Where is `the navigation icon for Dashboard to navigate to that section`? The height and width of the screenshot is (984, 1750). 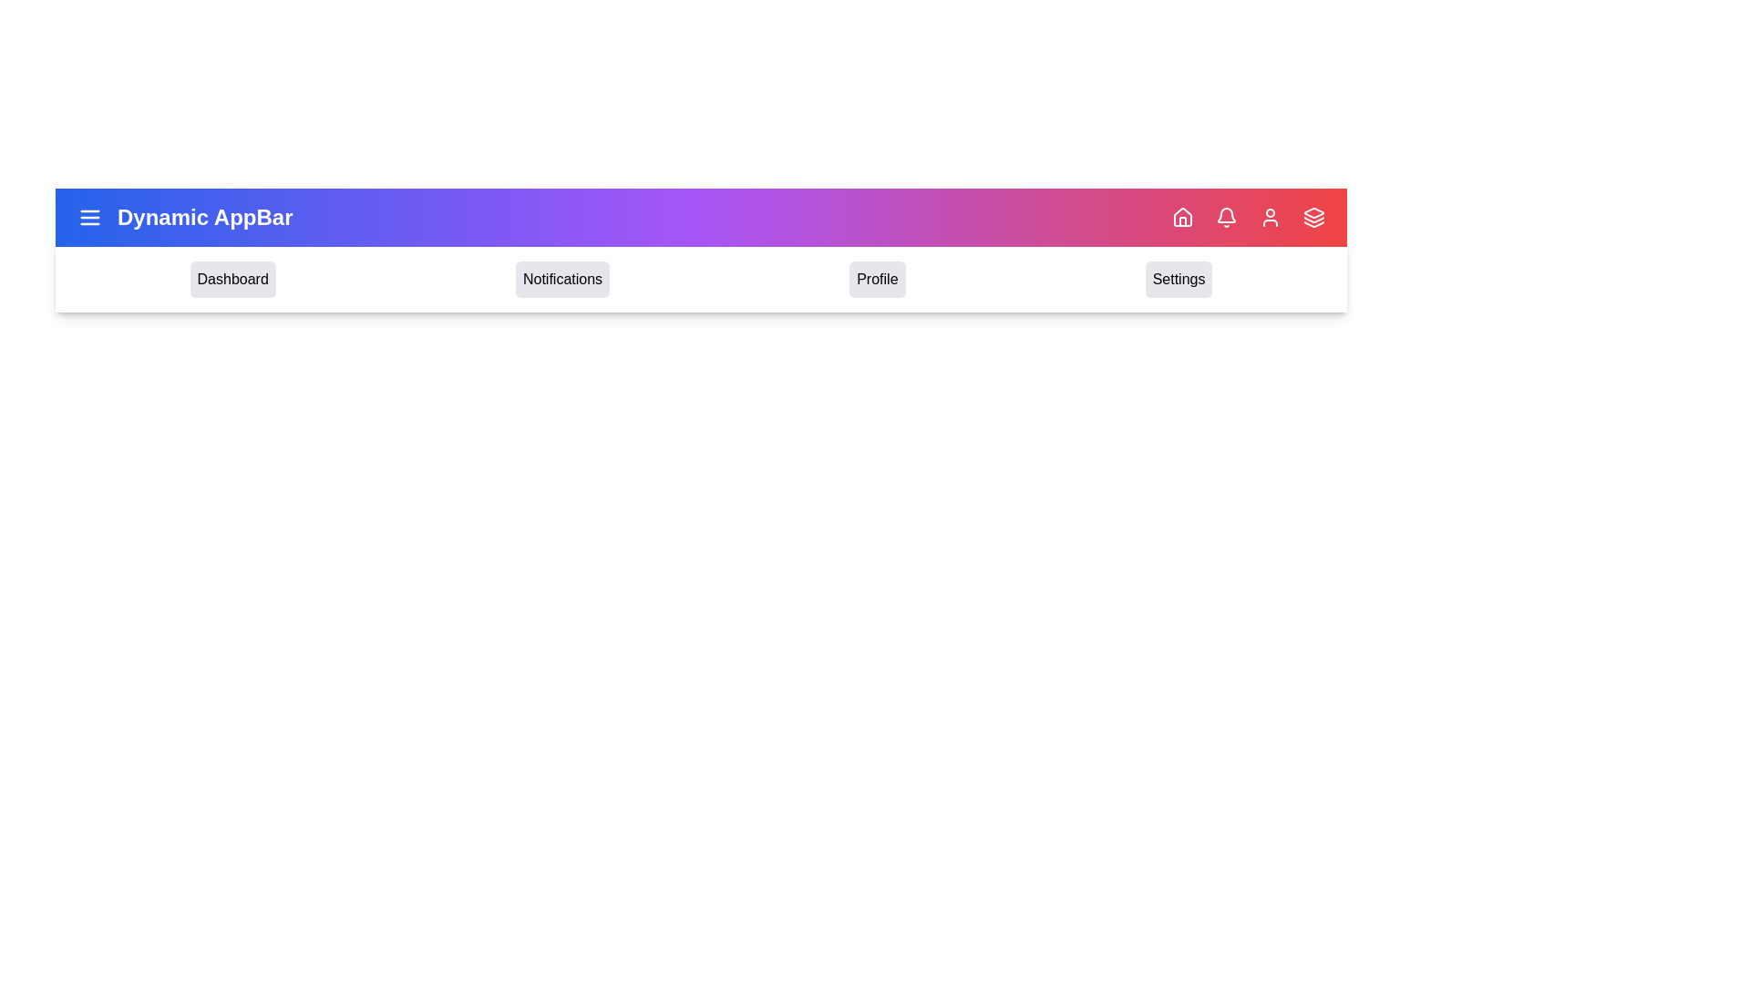
the navigation icon for Dashboard to navigate to that section is located at coordinates (232, 280).